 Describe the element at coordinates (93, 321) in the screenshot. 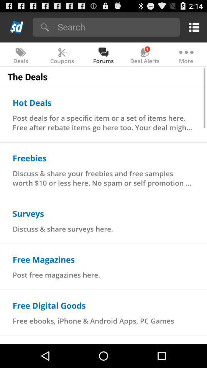

I see `free ebooks iphone item` at that location.